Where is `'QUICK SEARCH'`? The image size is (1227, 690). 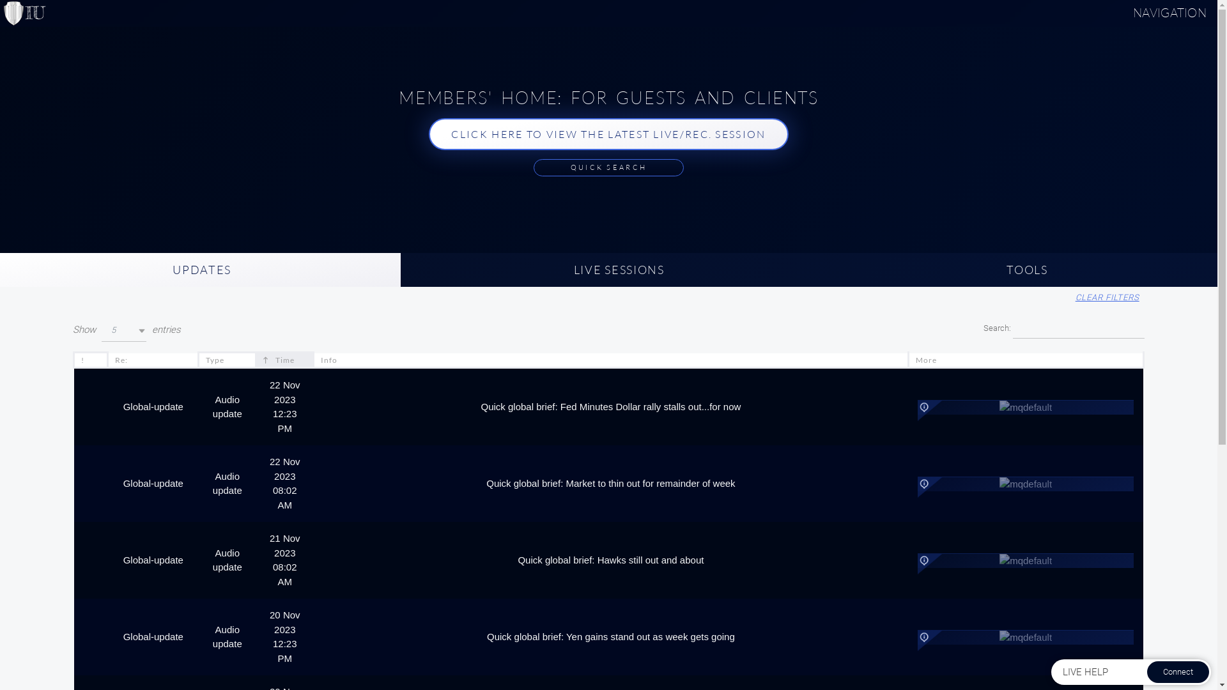 'QUICK SEARCH' is located at coordinates (608, 167).